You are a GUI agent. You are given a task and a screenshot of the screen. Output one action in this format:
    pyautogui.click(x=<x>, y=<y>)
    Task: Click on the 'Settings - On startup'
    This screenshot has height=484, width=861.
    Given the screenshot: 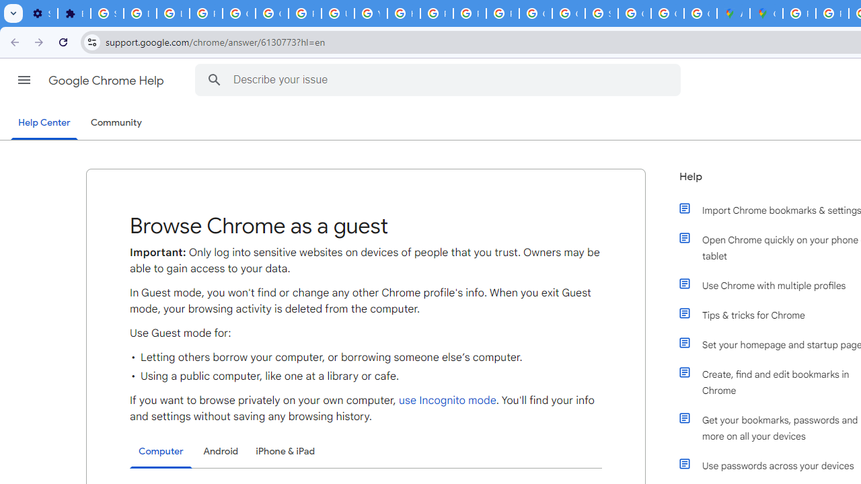 What is the action you would take?
    pyautogui.click(x=41, y=13)
    